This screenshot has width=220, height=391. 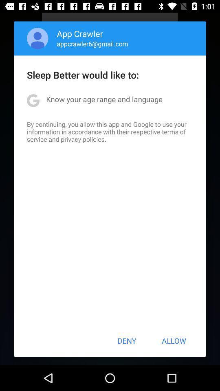 What do you see at coordinates (104, 99) in the screenshot?
I see `the app below the sleep better would item` at bounding box center [104, 99].